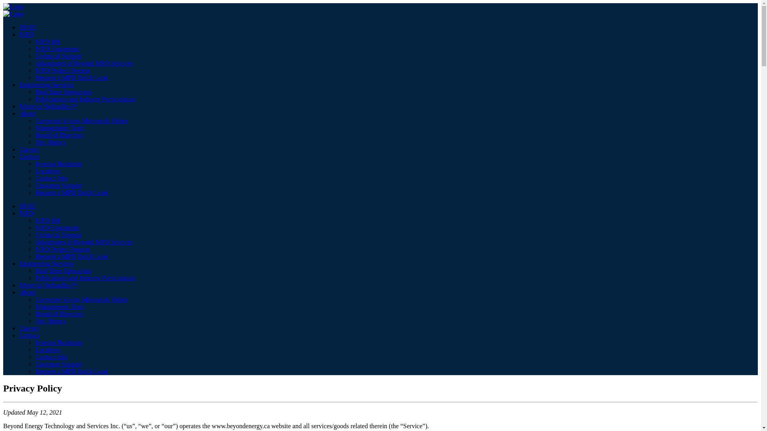 The height and width of the screenshot is (431, 767). Describe the element at coordinates (34, 364) in the screenshot. I see `'Customer Support'` at that location.